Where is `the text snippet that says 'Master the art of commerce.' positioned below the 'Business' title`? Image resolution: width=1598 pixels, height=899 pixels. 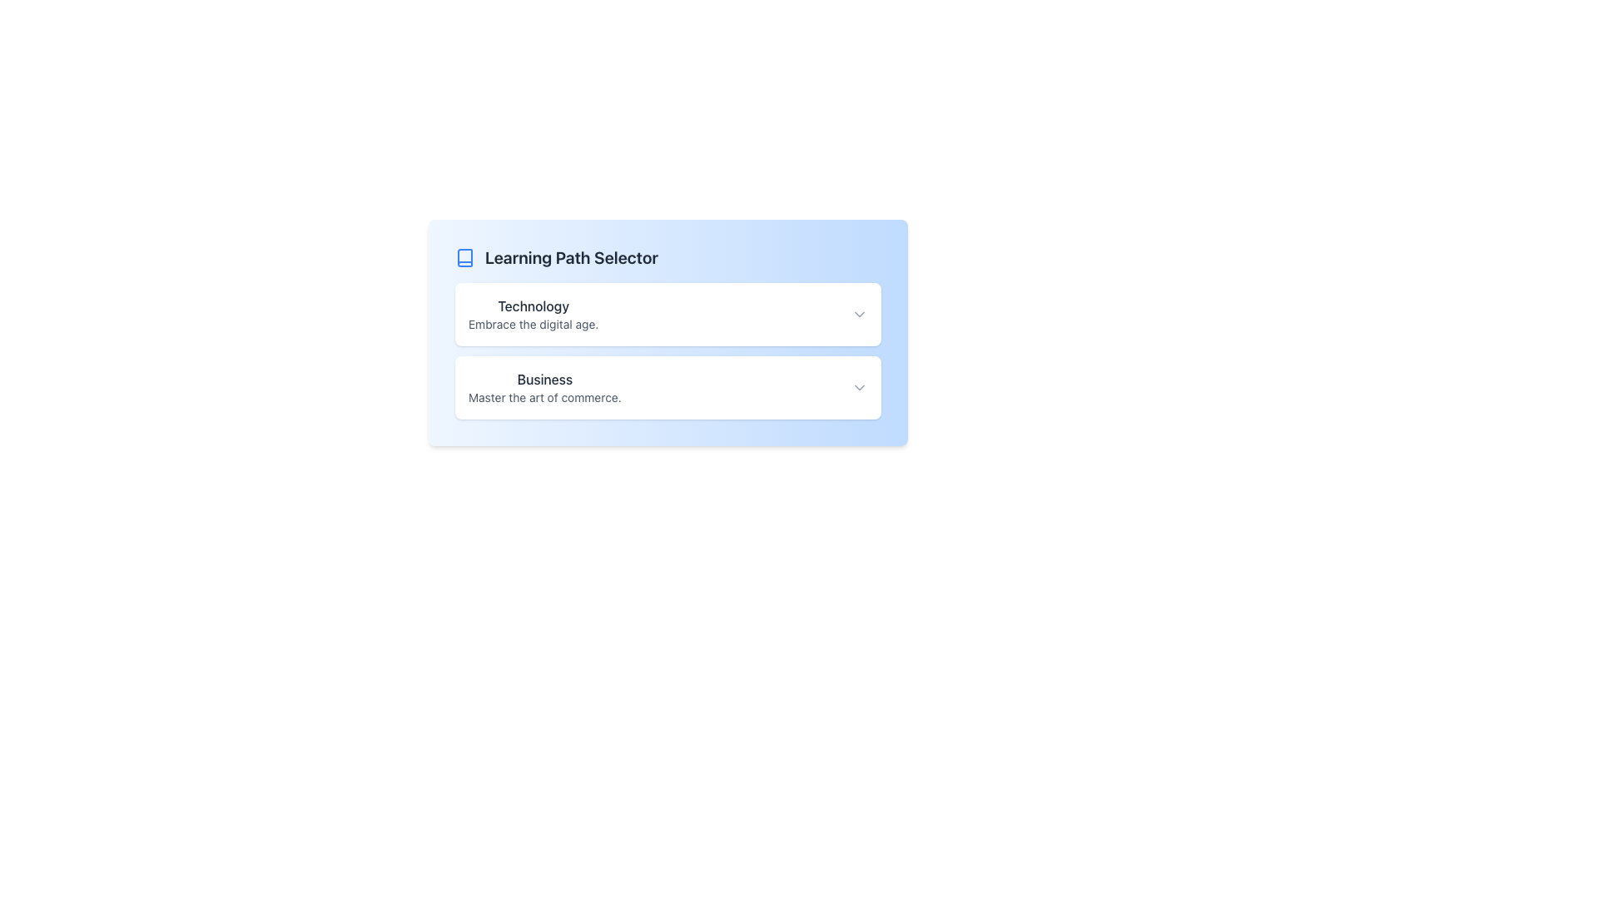 the text snippet that says 'Master the art of commerce.' positioned below the 'Business' title is located at coordinates (544, 398).